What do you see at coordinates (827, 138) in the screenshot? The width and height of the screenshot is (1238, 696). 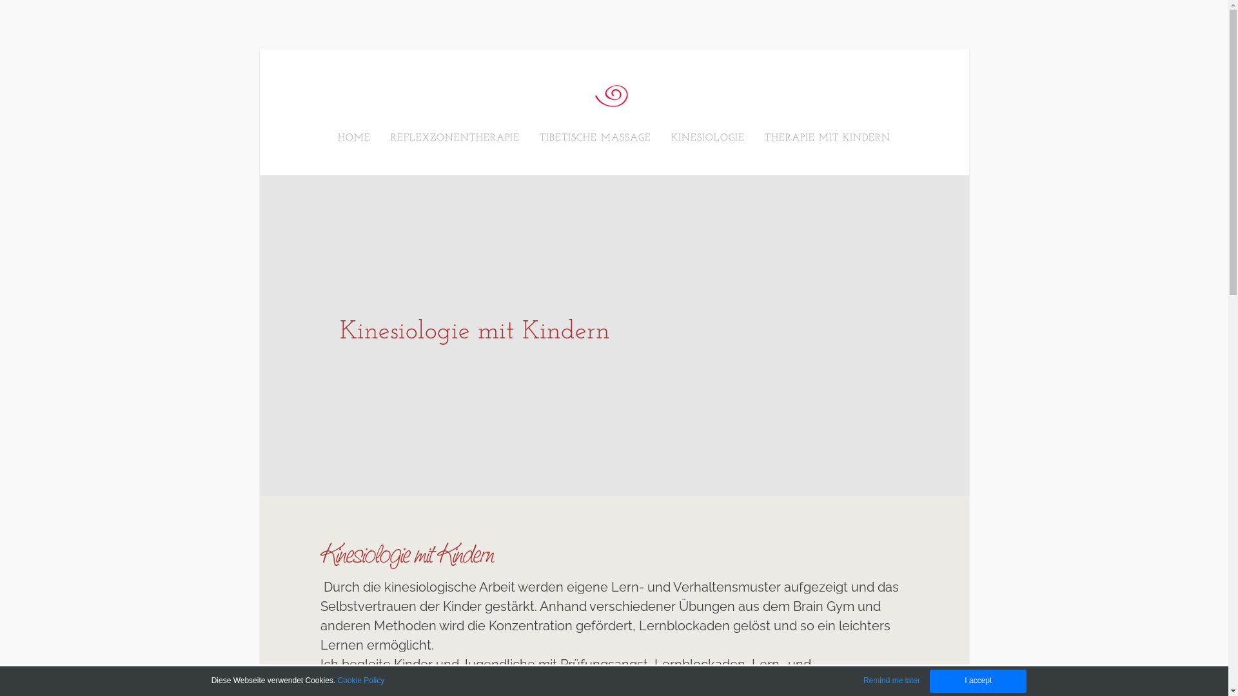 I see `'THERAPIE MIT KINDERN'` at bounding box center [827, 138].